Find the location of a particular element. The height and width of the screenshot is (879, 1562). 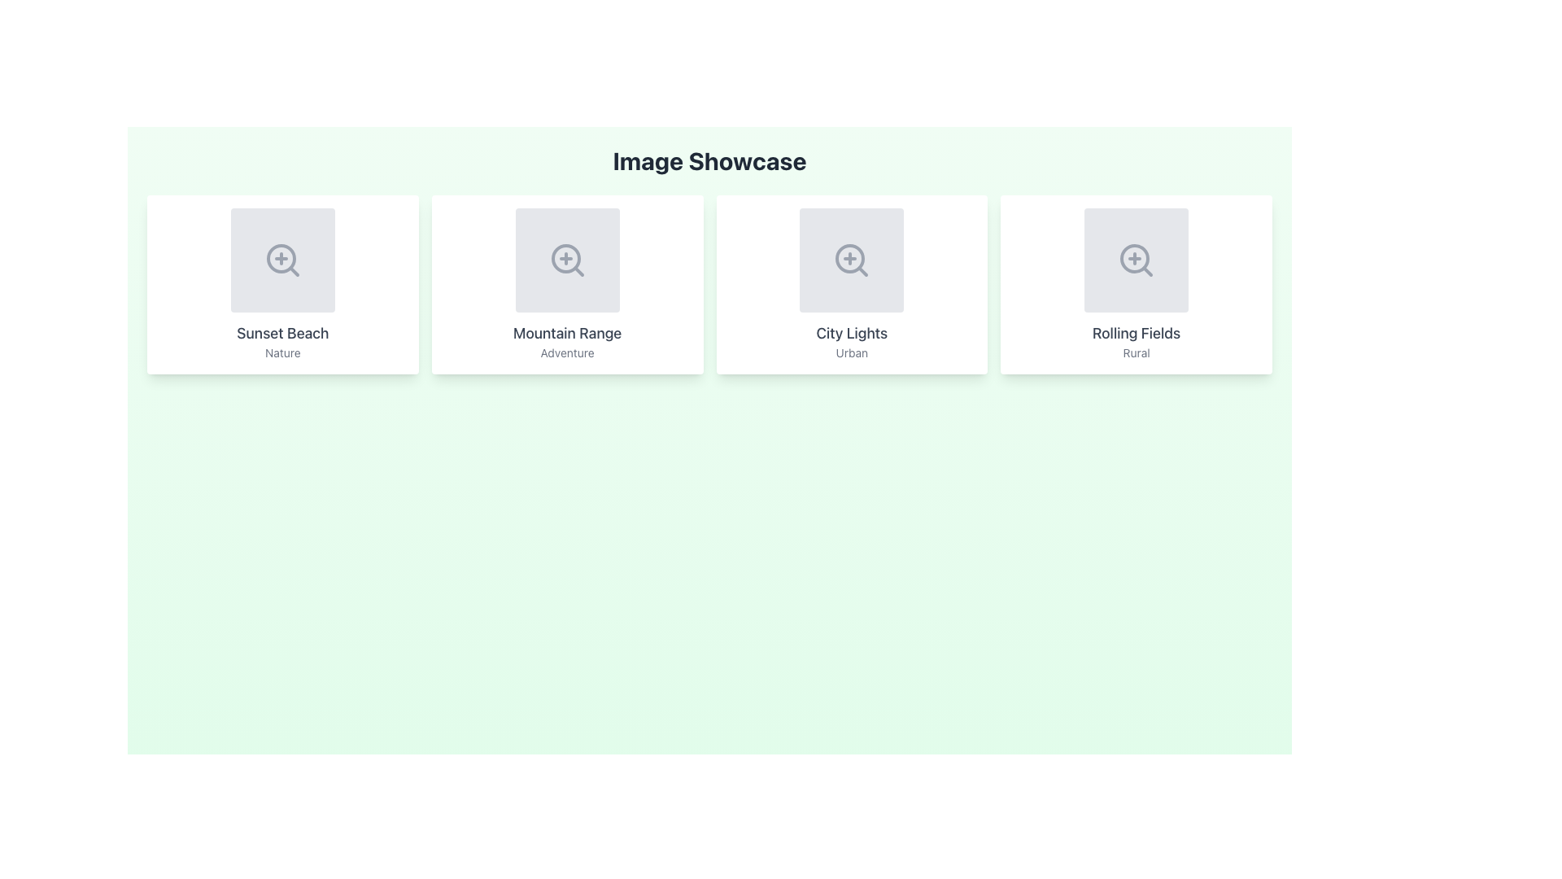

the diagonal line within the magnifying glass icon located on the first card labeled 'Sunset Beach, Nature' is located at coordinates (294, 270).